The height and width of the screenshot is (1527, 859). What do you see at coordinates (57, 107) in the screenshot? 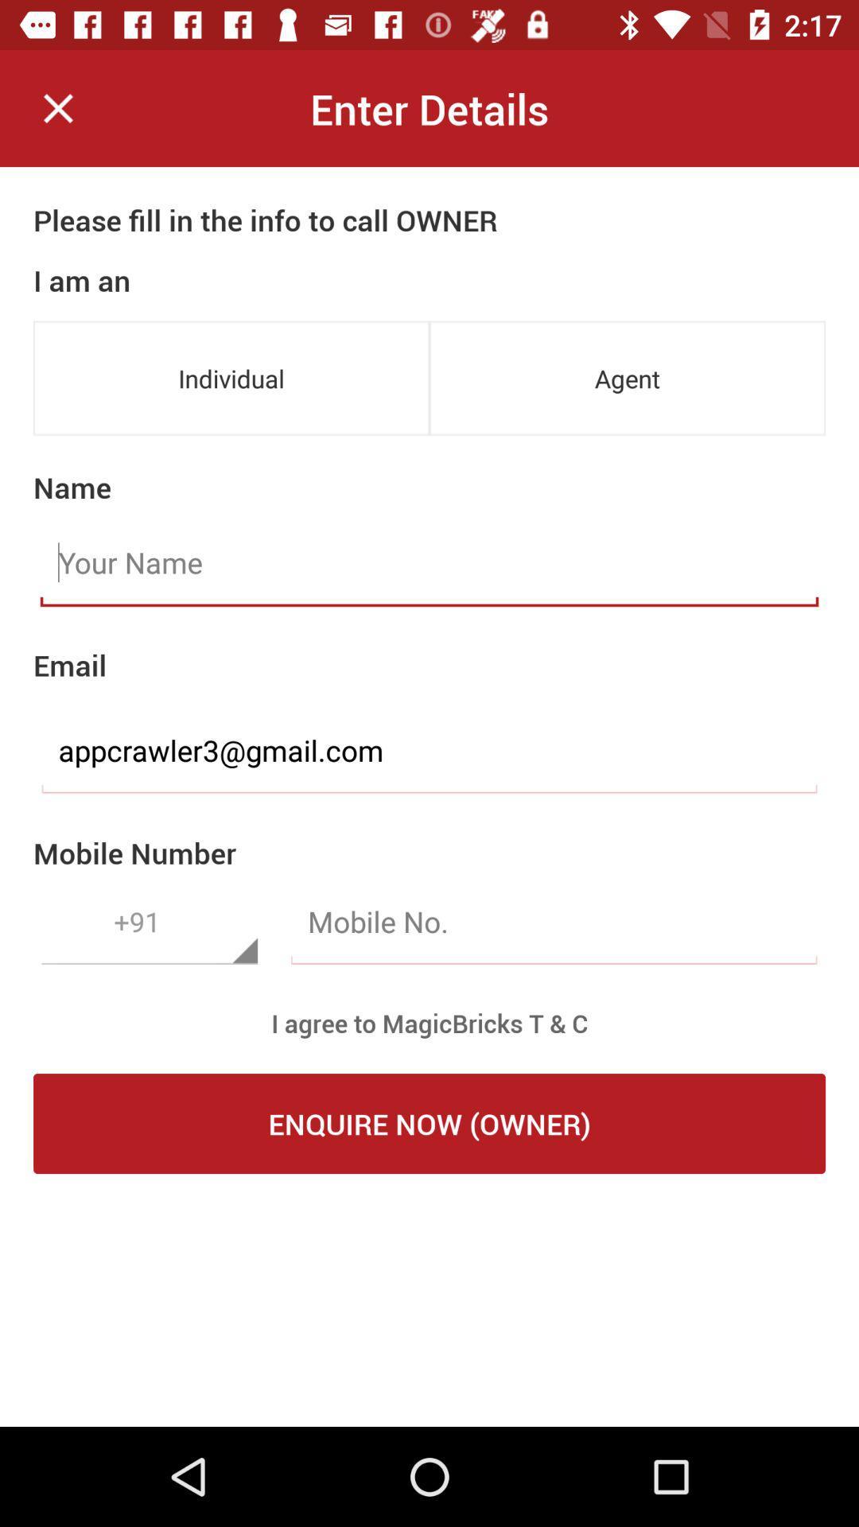
I see `icon next to the enter details item` at bounding box center [57, 107].